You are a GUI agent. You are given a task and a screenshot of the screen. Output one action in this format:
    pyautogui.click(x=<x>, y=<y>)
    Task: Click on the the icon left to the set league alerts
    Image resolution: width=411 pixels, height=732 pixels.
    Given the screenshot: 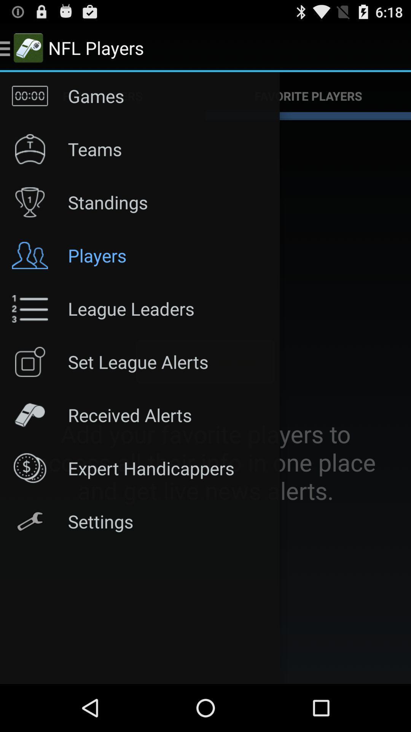 What is the action you would take?
    pyautogui.click(x=29, y=361)
    